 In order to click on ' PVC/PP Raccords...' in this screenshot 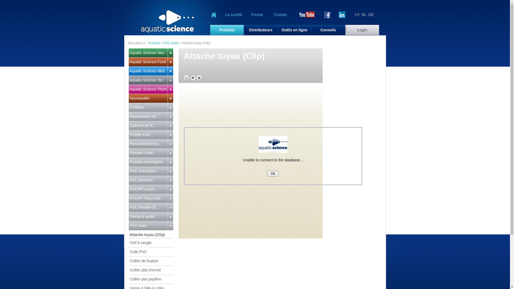, I will do `click(148, 198)`.